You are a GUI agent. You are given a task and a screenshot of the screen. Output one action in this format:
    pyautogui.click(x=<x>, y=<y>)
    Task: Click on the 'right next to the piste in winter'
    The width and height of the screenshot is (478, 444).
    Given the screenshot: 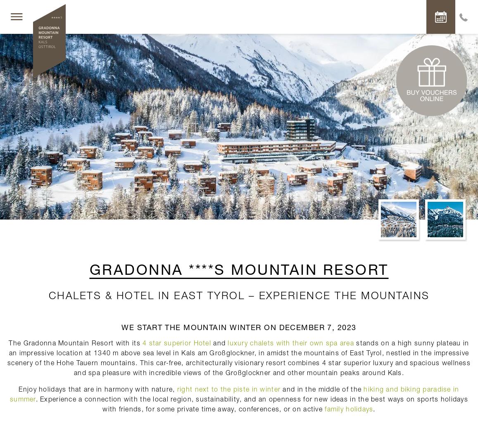 What is the action you would take?
    pyautogui.click(x=228, y=389)
    